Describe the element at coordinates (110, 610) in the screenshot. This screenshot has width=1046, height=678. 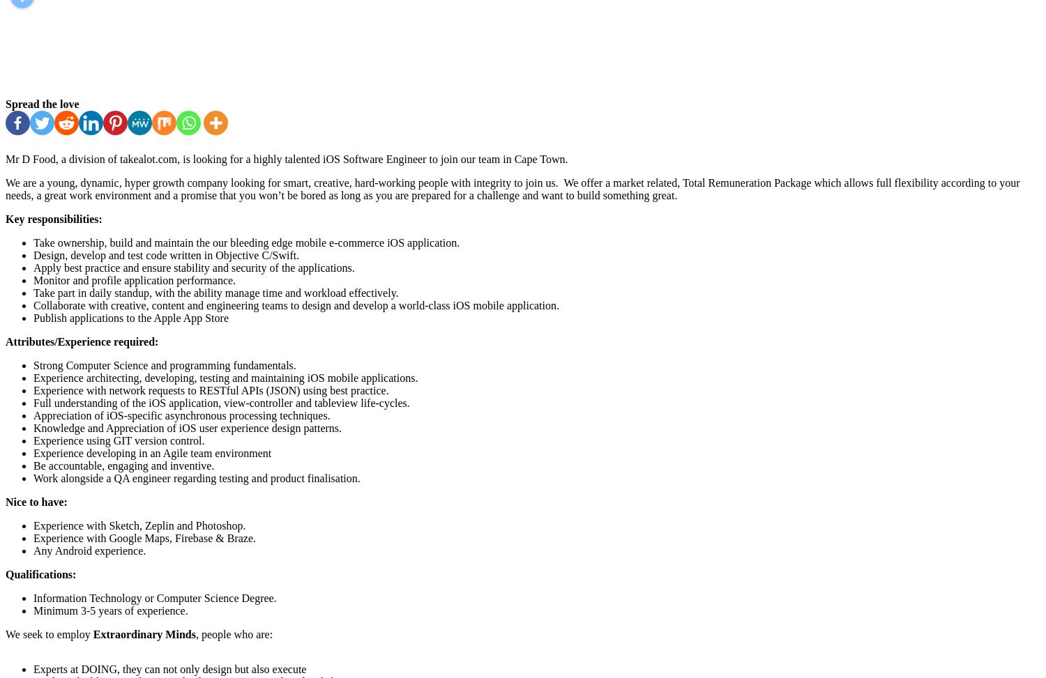
I see `'Minimum 3-5 years of experience.'` at that location.